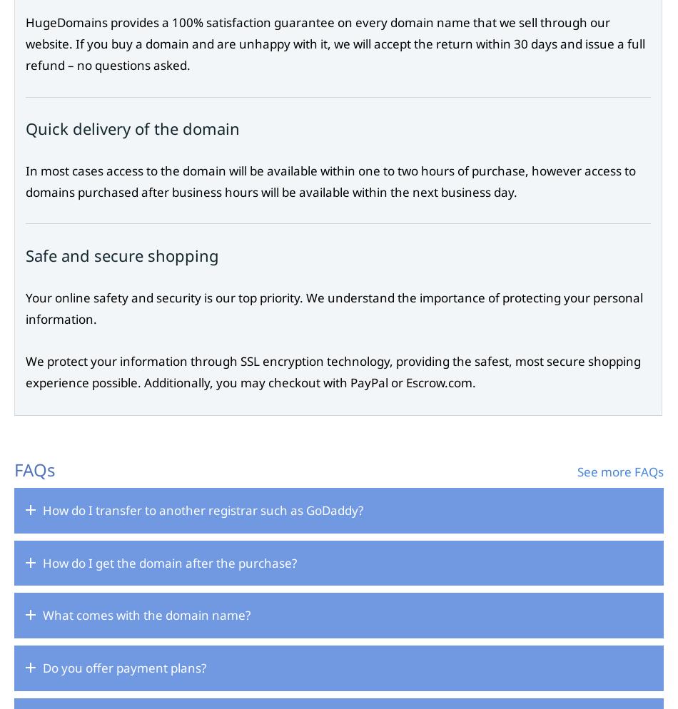 The image size is (678, 709). What do you see at coordinates (619, 471) in the screenshot?
I see `'See more FAQs'` at bounding box center [619, 471].